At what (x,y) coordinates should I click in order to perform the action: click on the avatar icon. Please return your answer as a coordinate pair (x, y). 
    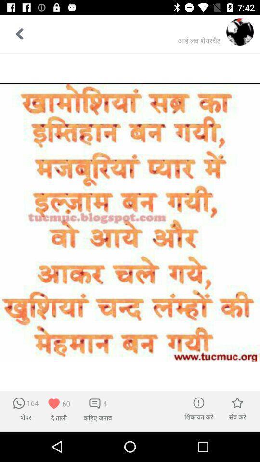
    Looking at the image, I should click on (239, 32).